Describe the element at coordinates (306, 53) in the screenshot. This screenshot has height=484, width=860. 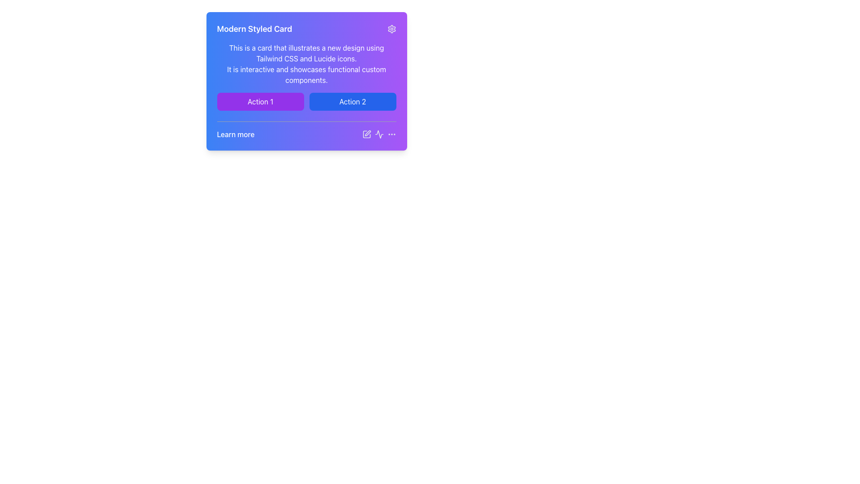
I see `descriptive text block located beneath the title 'Modern Styled Card' in the upper portion of the card component` at that location.